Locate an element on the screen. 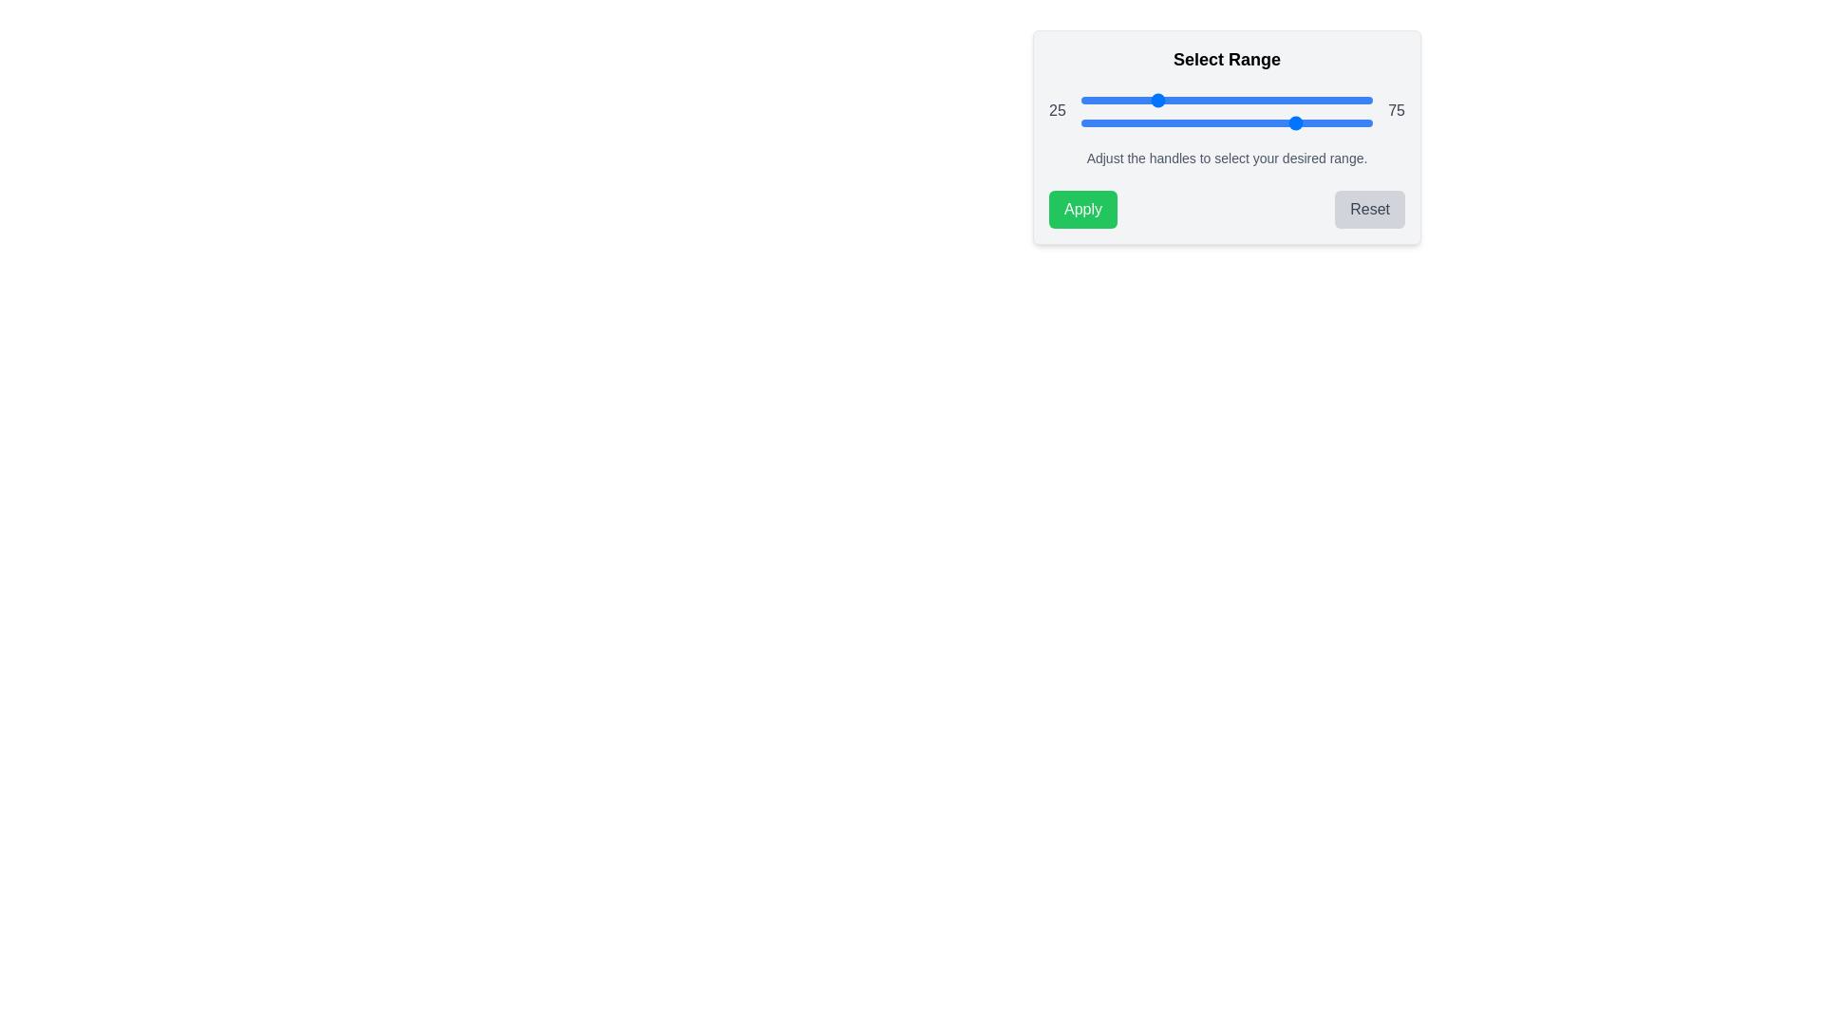 The image size is (1823, 1025). the static text label that serves as a numerical indicator, located to the far left of its group, preceding two blue slider components and another text label showing '75' is located at coordinates (1056, 110).